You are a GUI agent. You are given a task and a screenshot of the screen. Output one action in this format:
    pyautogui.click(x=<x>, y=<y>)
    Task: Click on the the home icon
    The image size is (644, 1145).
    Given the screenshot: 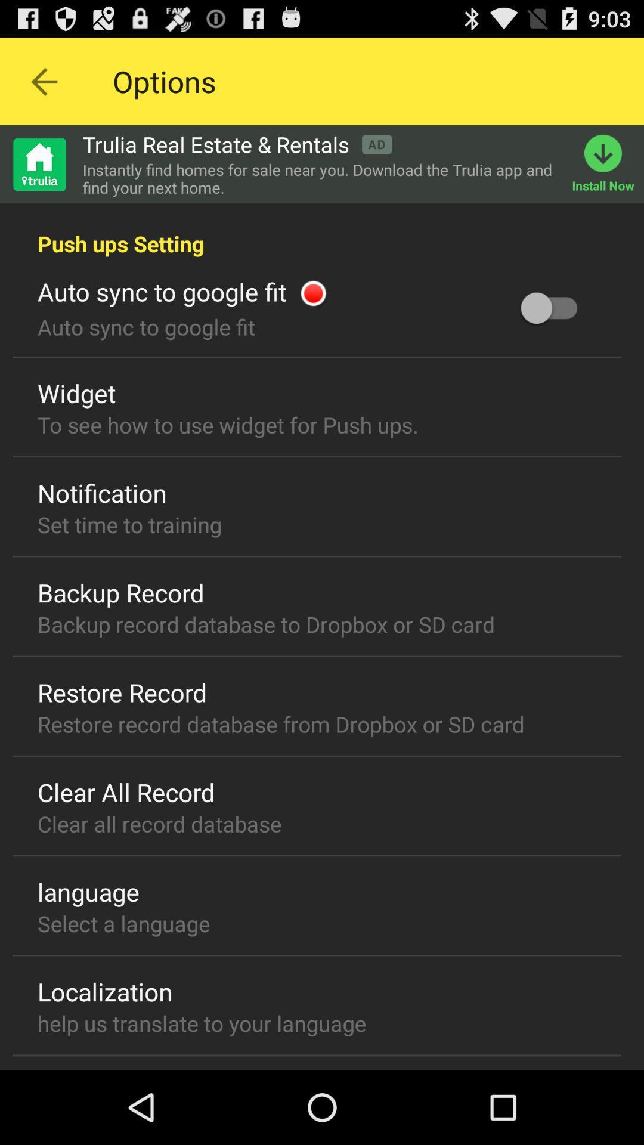 What is the action you would take?
    pyautogui.click(x=38, y=175)
    